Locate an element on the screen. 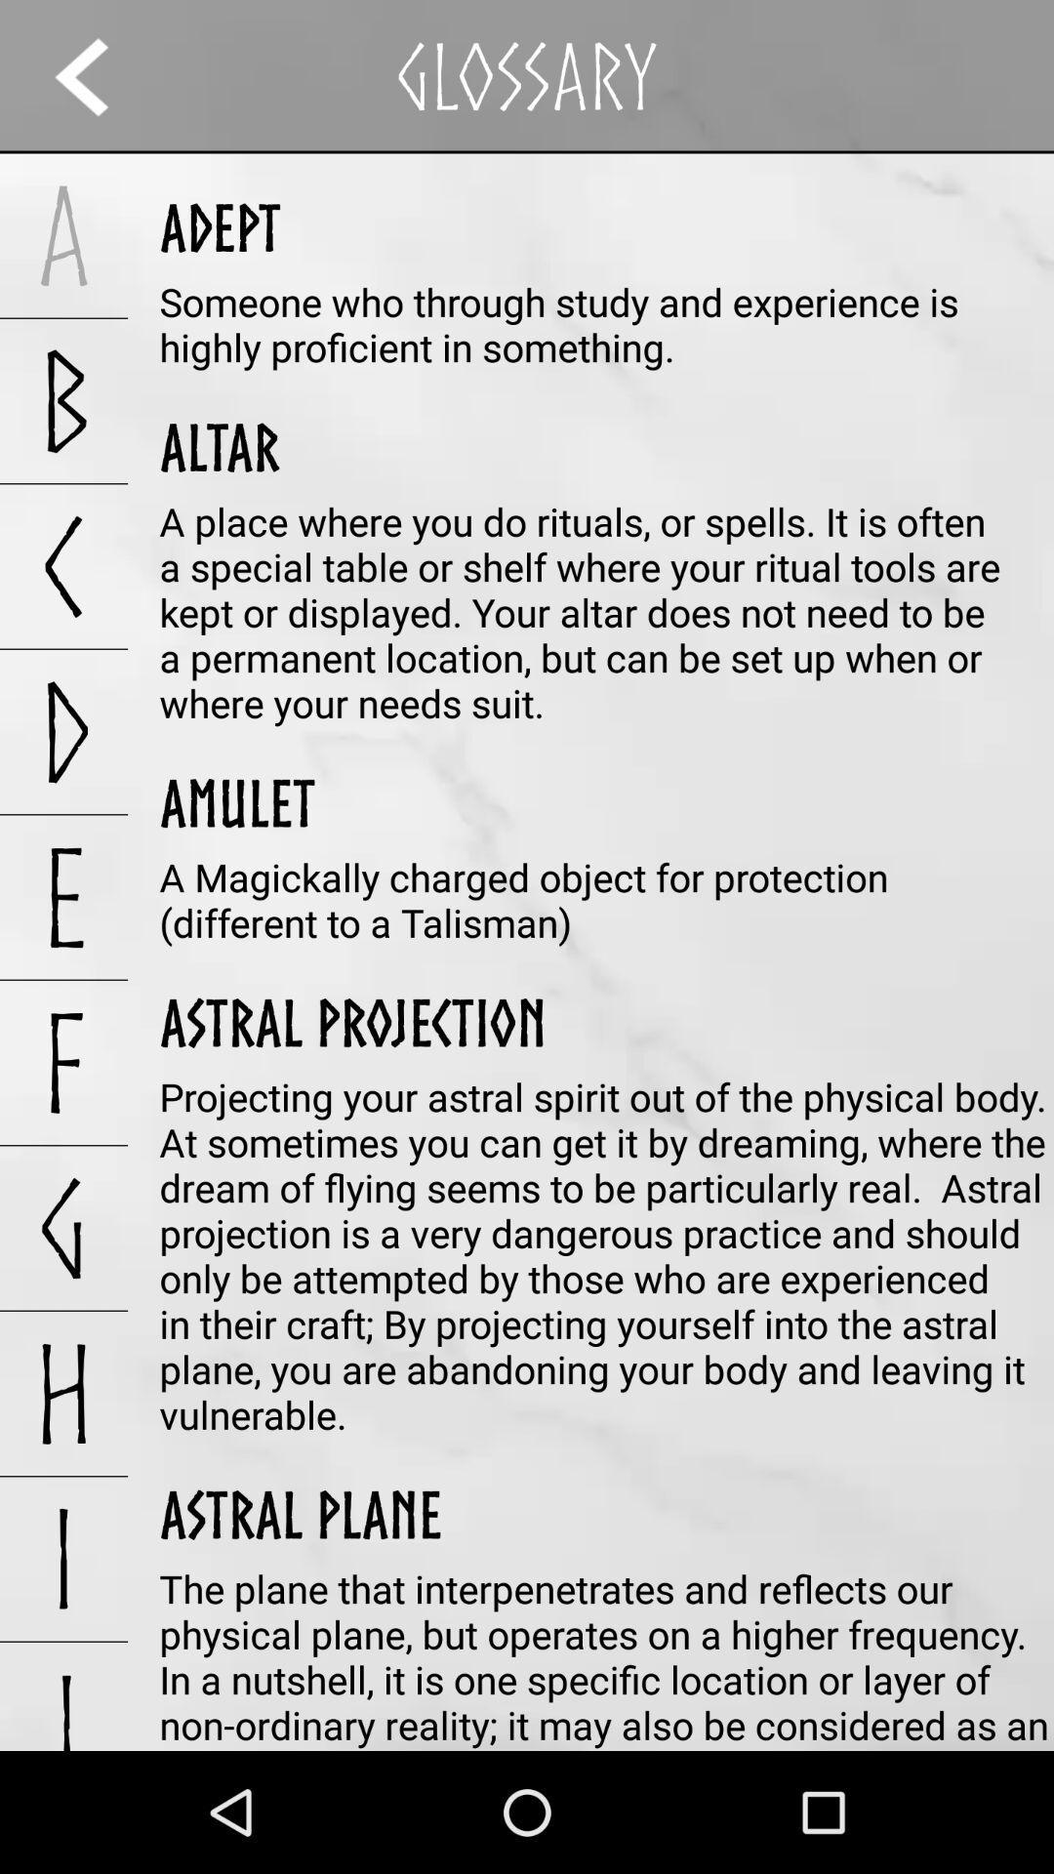 The image size is (1054, 1874). the i icon is located at coordinates (62, 1558).